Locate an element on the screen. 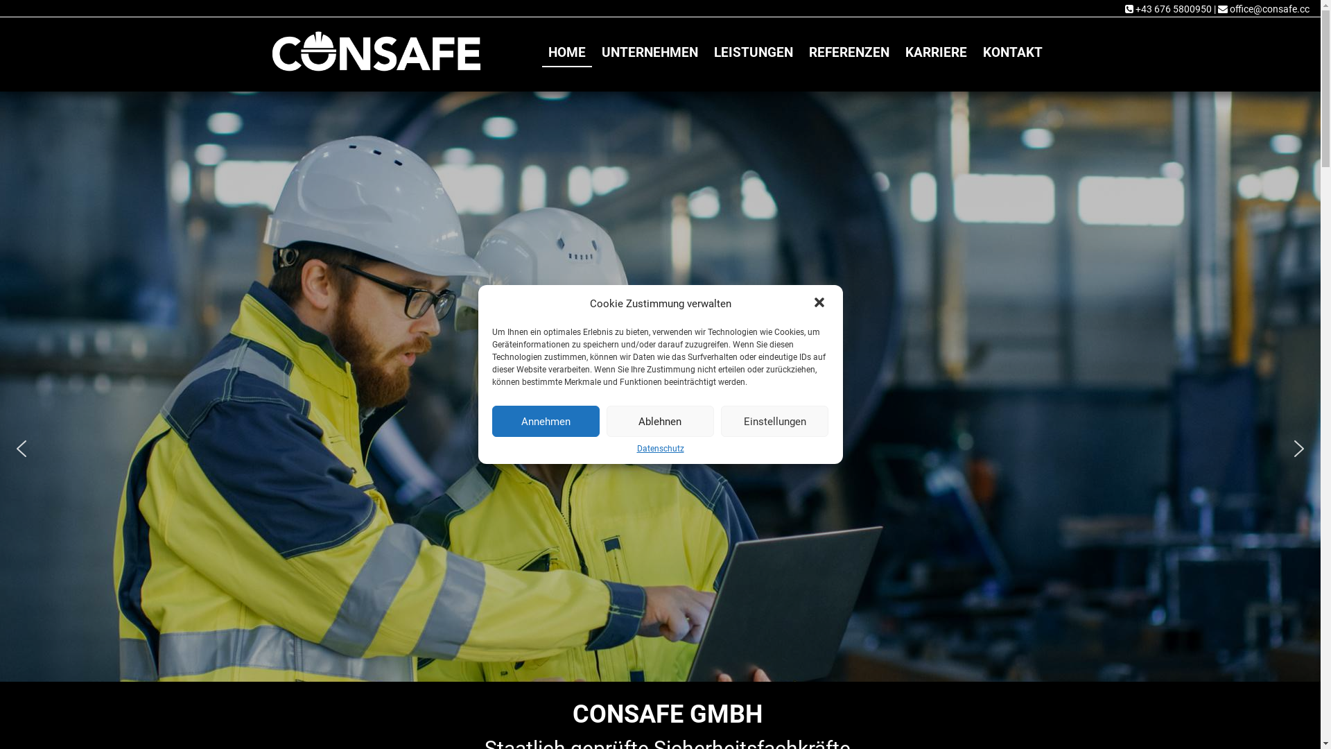 This screenshot has height=749, width=1331. 'Einstellungen' is located at coordinates (774, 420).